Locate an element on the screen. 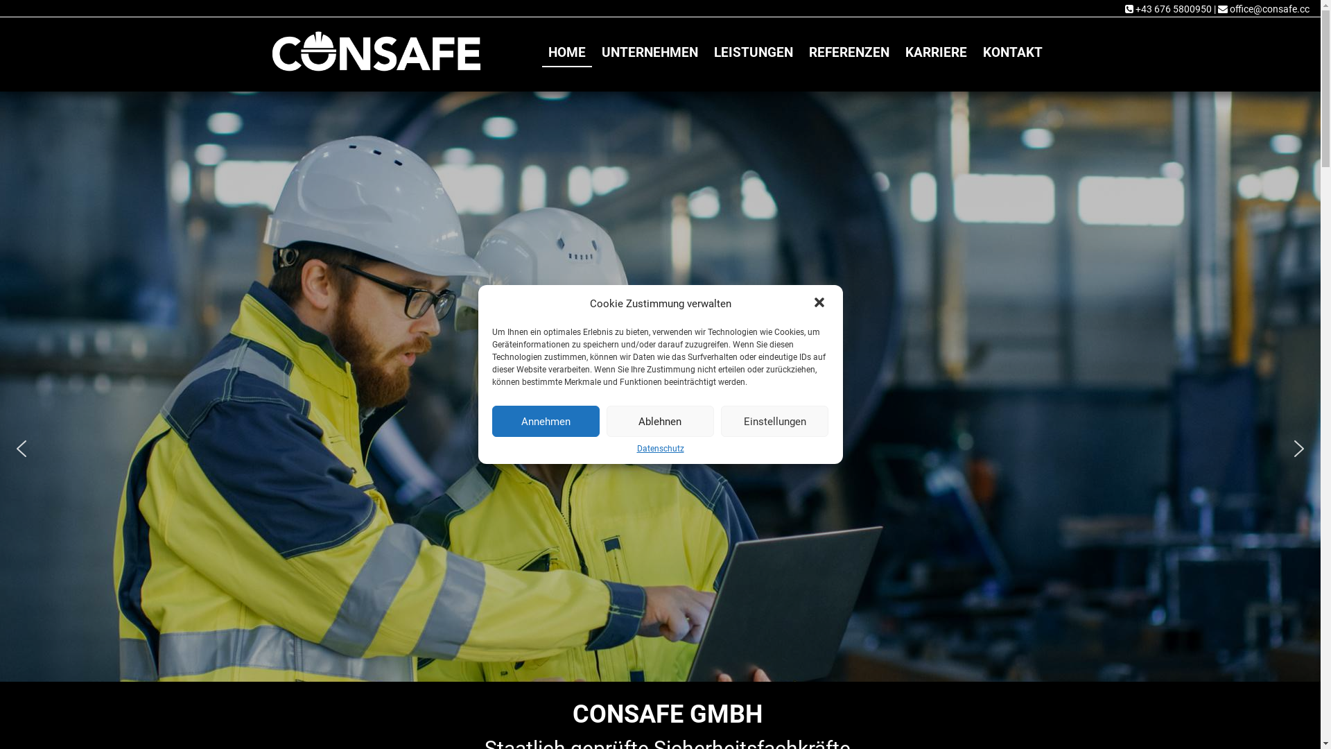 This screenshot has height=749, width=1331. 'Einstellungen' is located at coordinates (774, 420).